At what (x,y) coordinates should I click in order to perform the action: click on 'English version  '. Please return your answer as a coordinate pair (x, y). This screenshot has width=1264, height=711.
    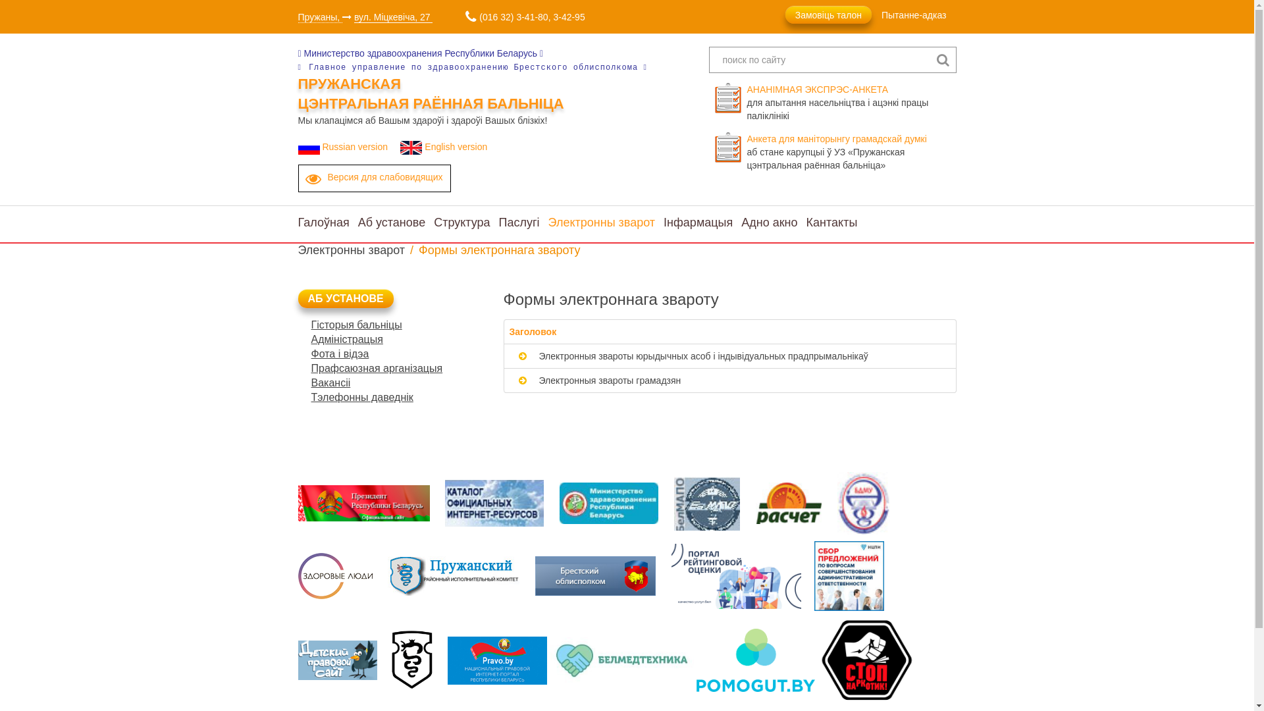
    Looking at the image, I should click on (446, 147).